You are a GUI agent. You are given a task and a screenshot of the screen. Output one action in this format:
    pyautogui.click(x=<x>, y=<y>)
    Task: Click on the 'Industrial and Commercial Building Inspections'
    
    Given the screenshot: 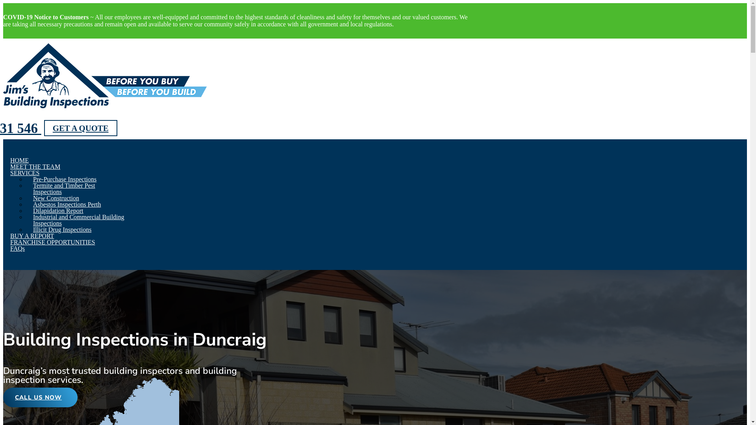 What is the action you would take?
    pyautogui.click(x=32, y=220)
    